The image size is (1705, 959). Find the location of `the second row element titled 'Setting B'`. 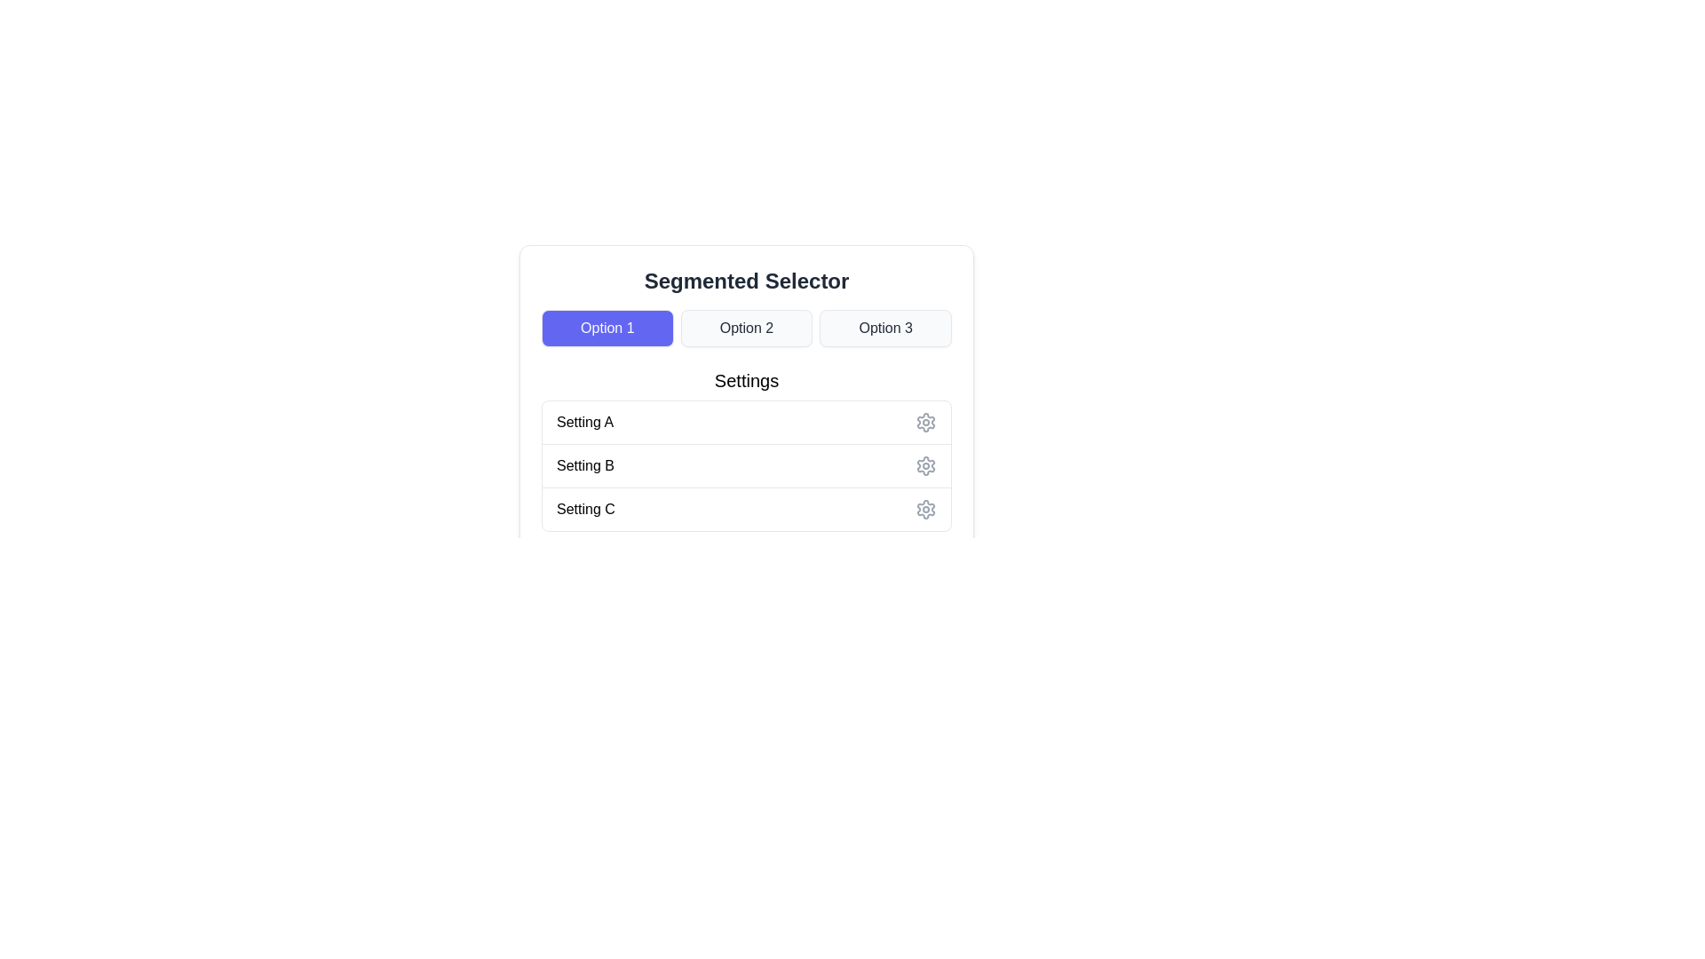

the second row element titled 'Setting B' is located at coordinates (746, 464).